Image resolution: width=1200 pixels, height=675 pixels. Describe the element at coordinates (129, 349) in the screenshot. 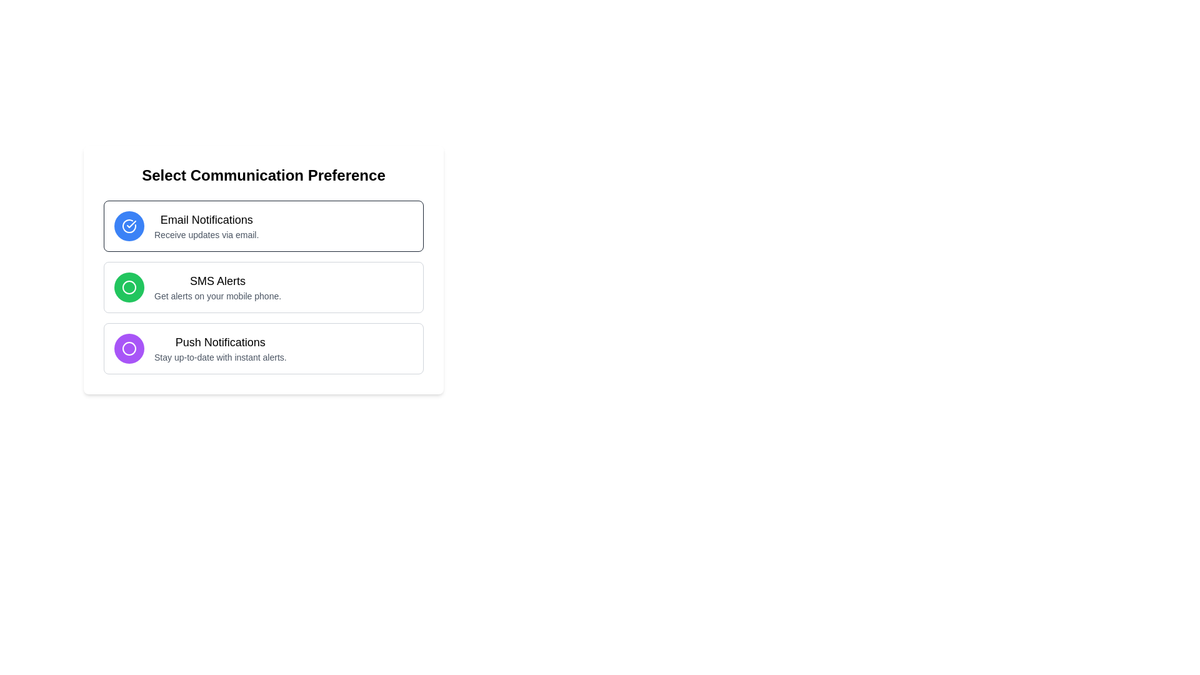

I see `the circular icon with a purple background and white outline located at the top-left corner of the 'Push Notifications' button` at that location.